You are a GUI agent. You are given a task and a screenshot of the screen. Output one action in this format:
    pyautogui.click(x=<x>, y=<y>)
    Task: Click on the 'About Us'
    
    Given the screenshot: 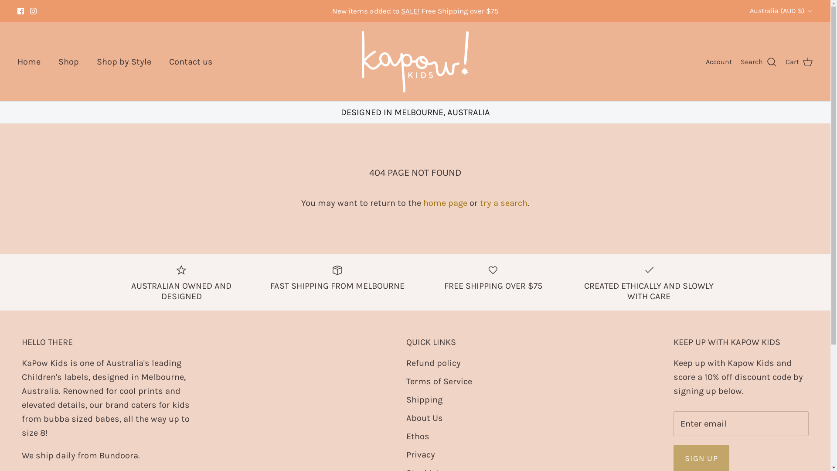 What is the action you would take?
    pyautogui.click(x=425, y=417)
    